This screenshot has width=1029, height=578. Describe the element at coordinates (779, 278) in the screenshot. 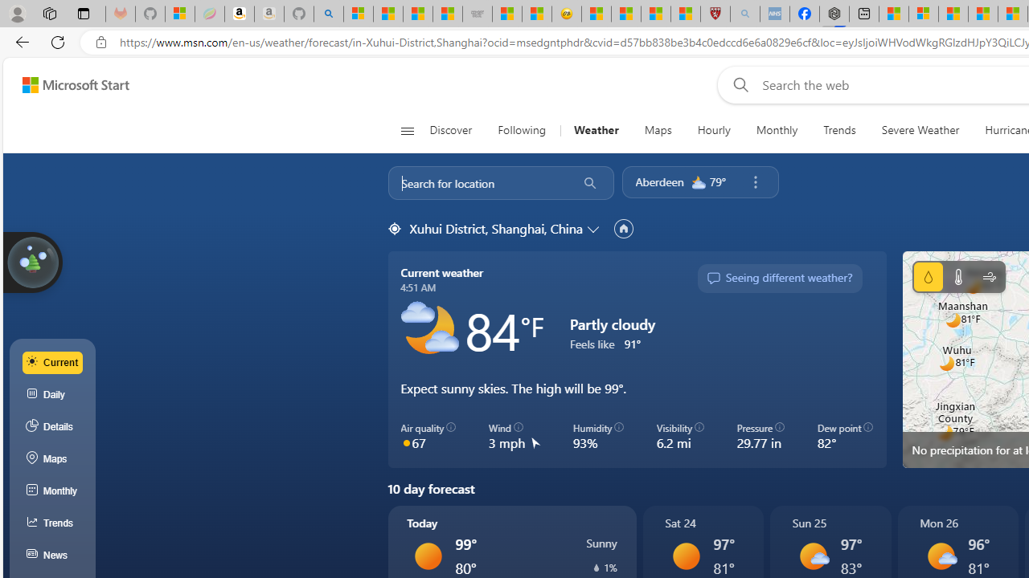

I see `'Seeing different weather?'` at that location.